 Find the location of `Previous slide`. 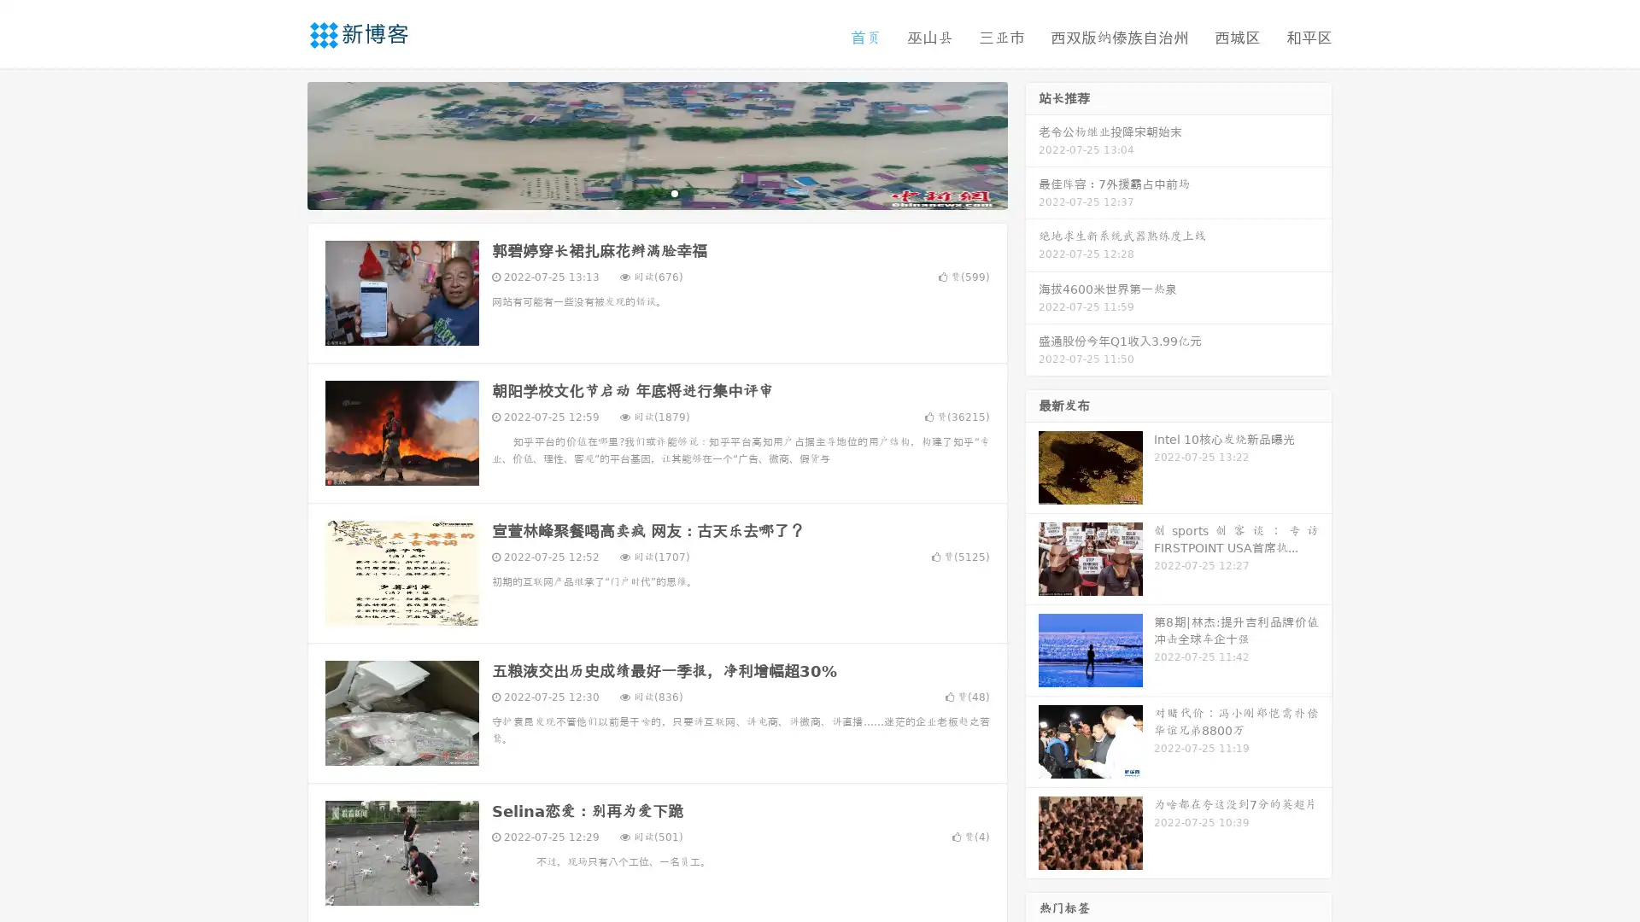

Previous slide is located at coordinates (282, 143).